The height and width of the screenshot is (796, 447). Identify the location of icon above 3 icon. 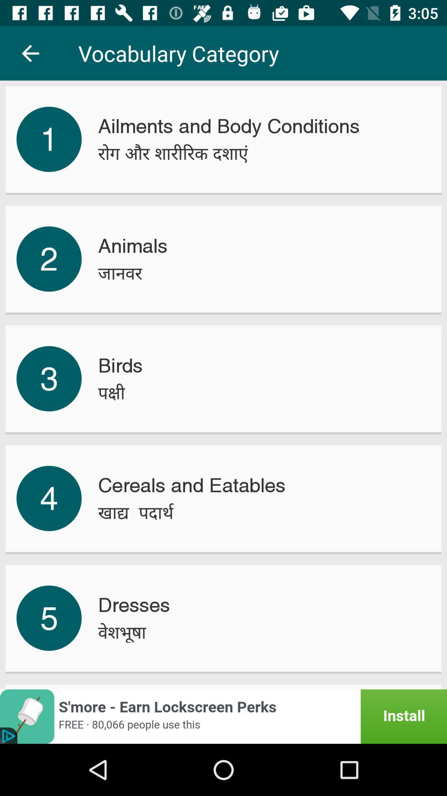
(49, 258).